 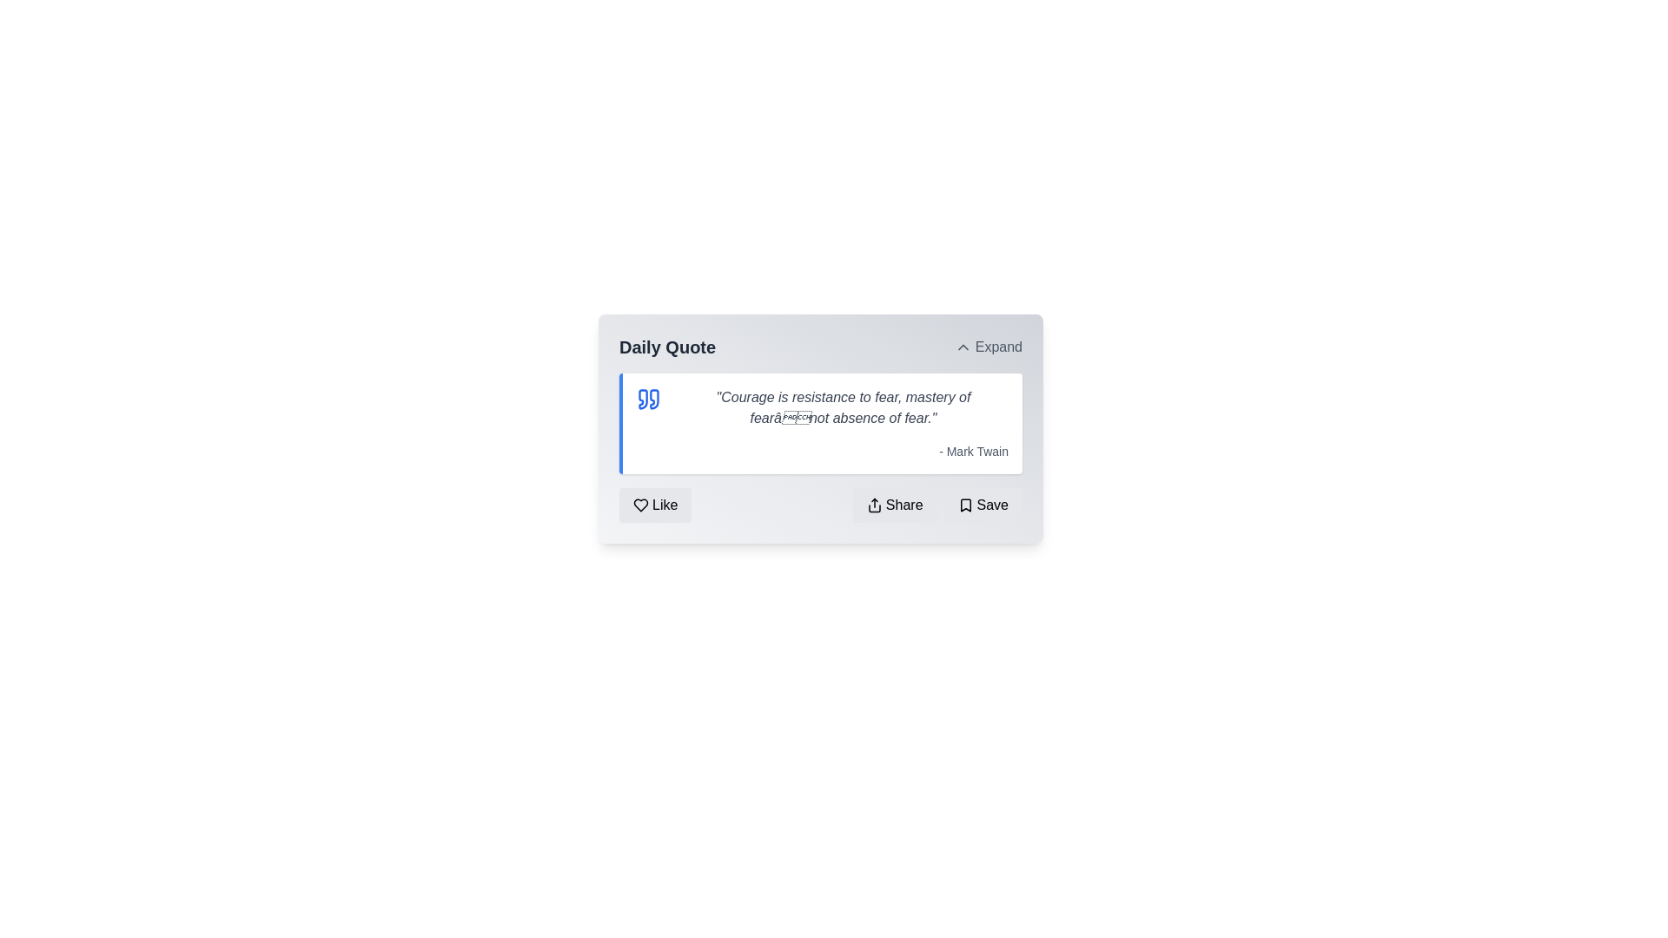 I want to click on the 'Save' button with a bookmark icon, so click(x=983, y=505).